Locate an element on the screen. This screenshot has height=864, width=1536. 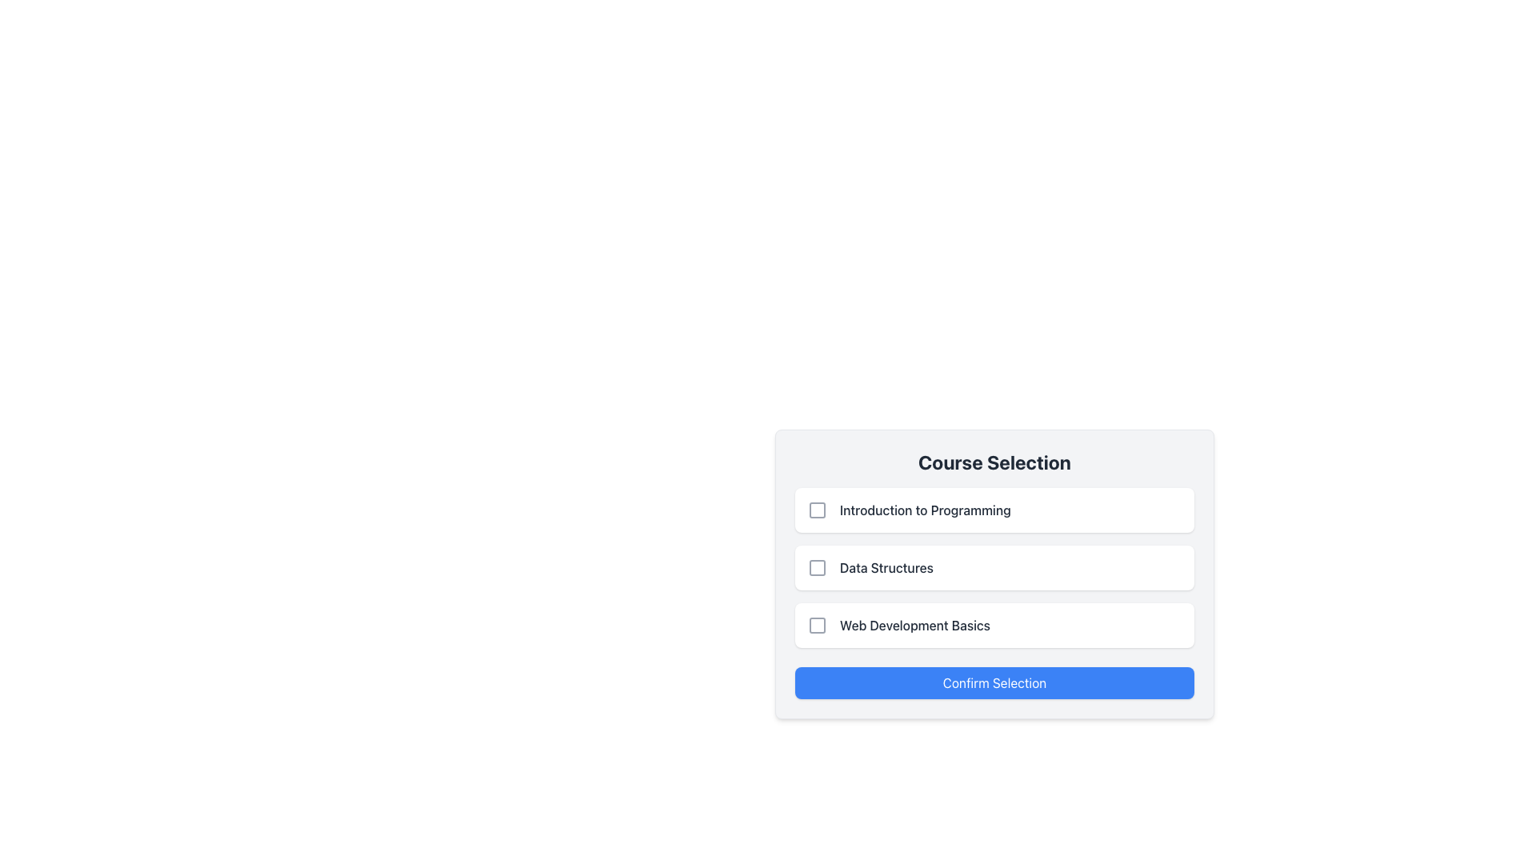
the checkbox for the 'Data Structures' option in the selectable list item under 'Course Selection' is located at coordinates (994, 573).